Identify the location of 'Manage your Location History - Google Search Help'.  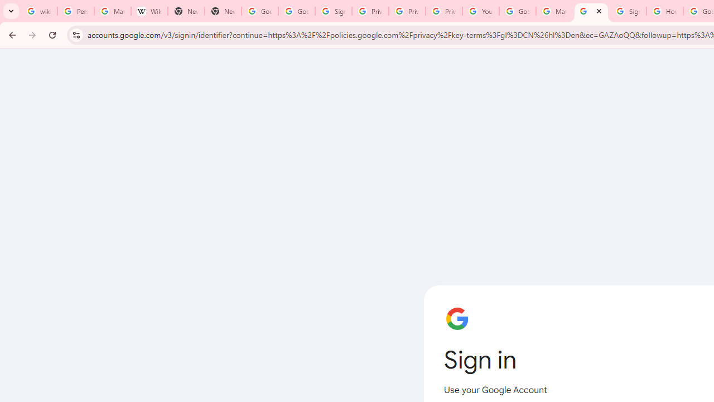
(113, 11).